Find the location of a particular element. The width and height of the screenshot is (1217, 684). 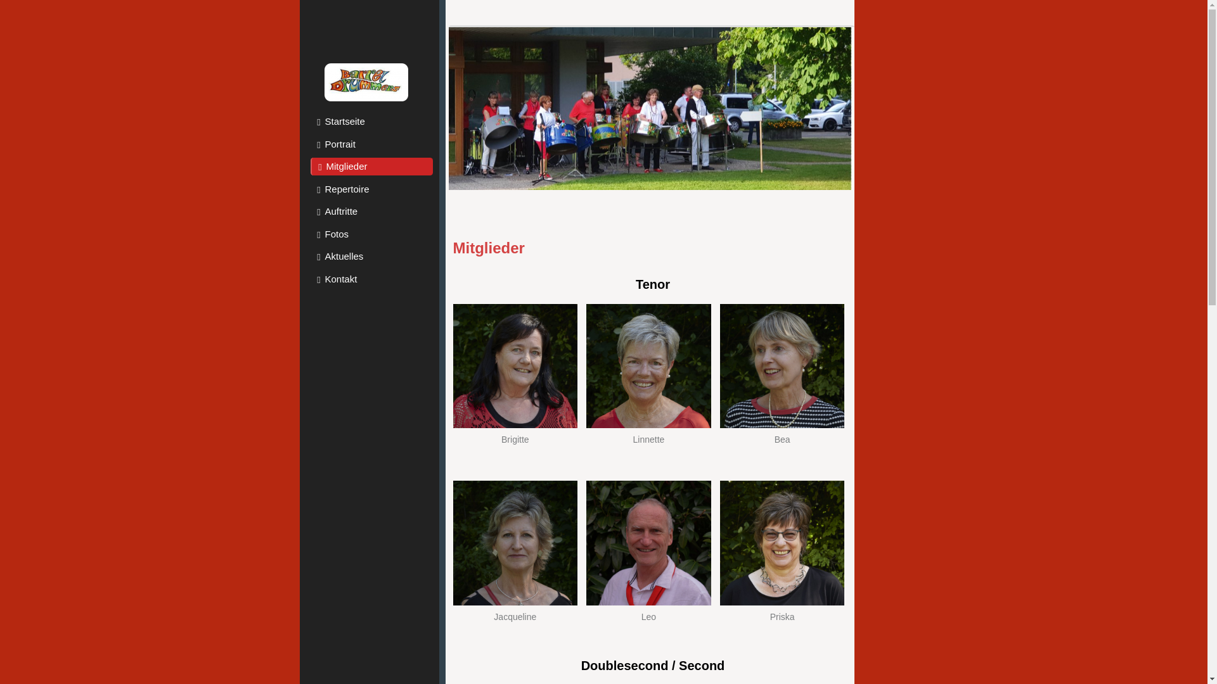

'Startseite' is located at coordinates (310, 122).